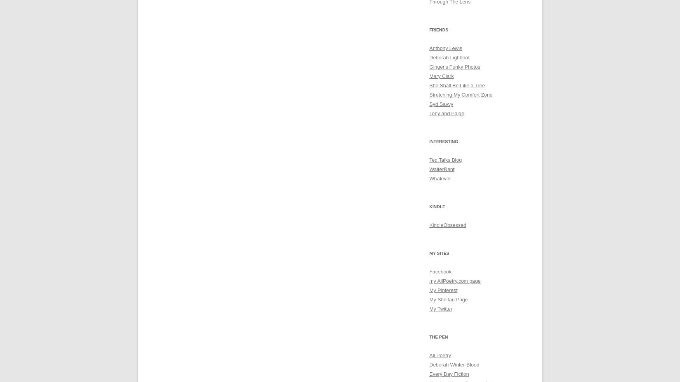 Image resolution: width=680 pixels, height=382 pixels. Describe the element at coordinates (441, 104) in the screenshot. I see `'Syd Savvy'` at that location.